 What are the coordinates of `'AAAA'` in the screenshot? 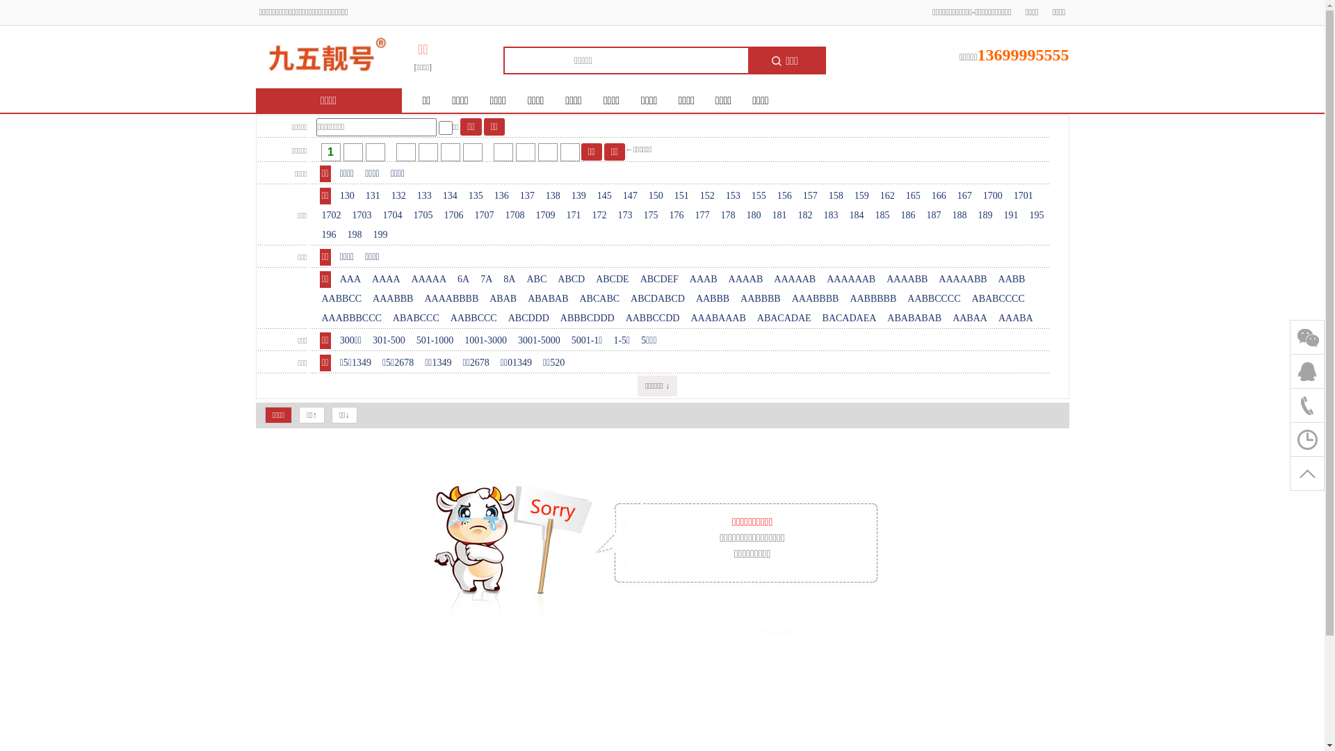 It's located at (386, 279).